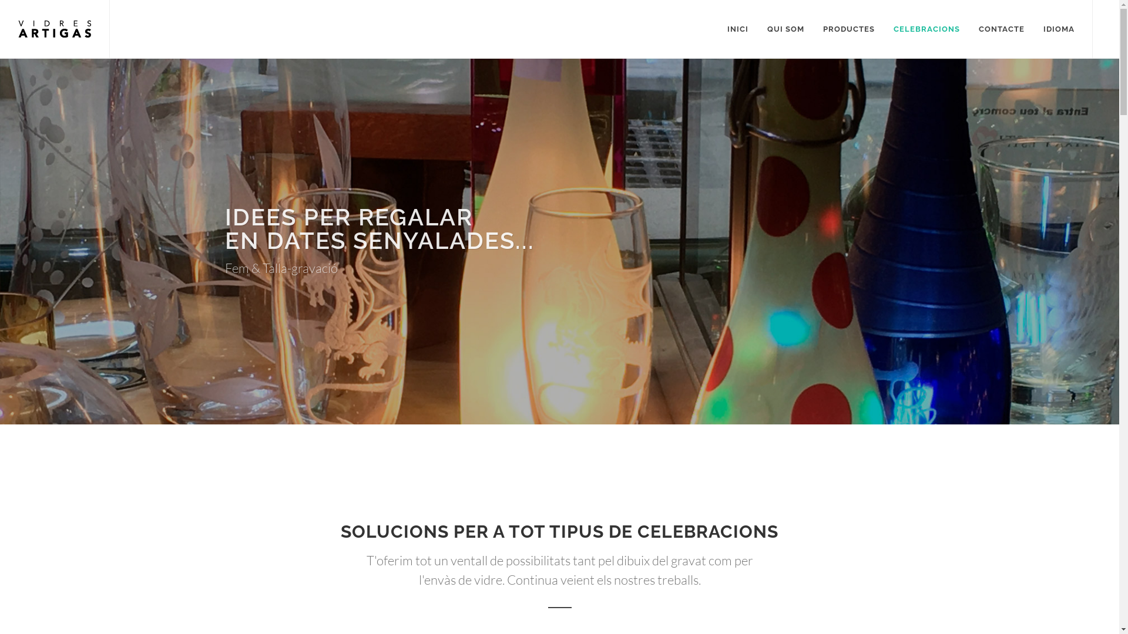 This screenshot has height=634, width=1128. What do you see at coordinates (758, 29) in the screenshot?
I see `'QUI SOM'` at bounding box center [758, 29].